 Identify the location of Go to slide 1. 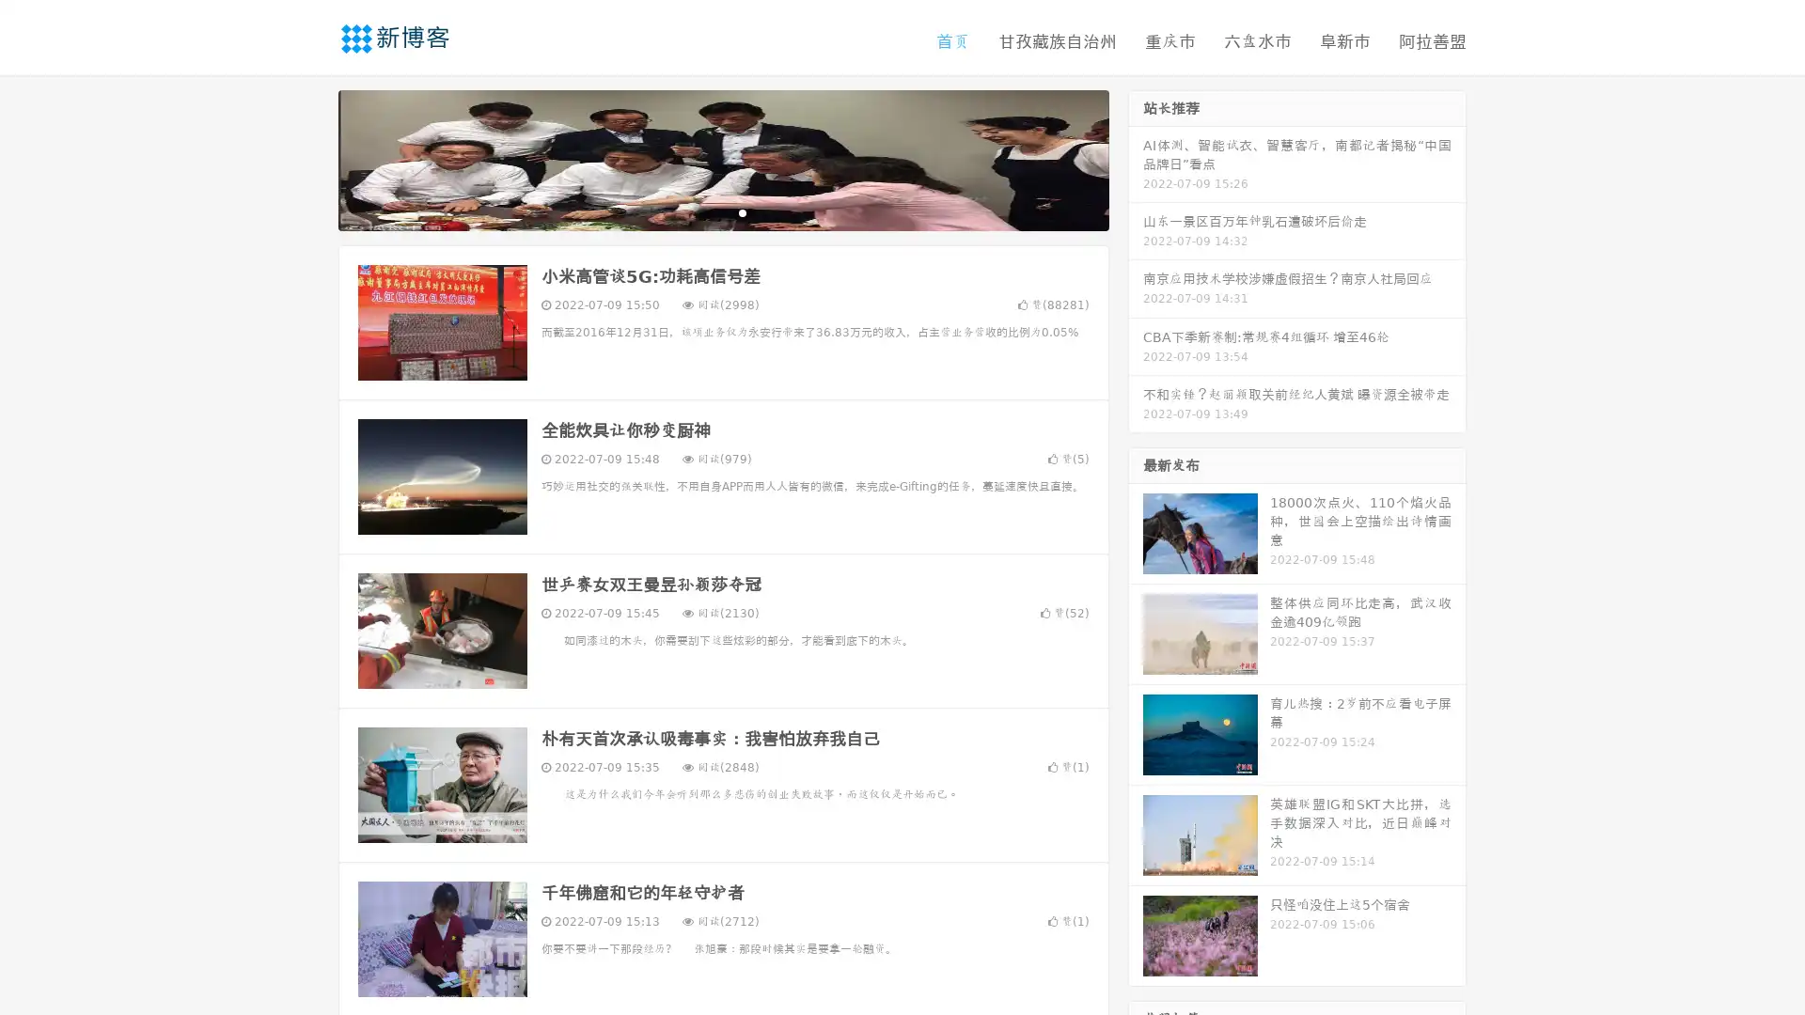
(703, 211).